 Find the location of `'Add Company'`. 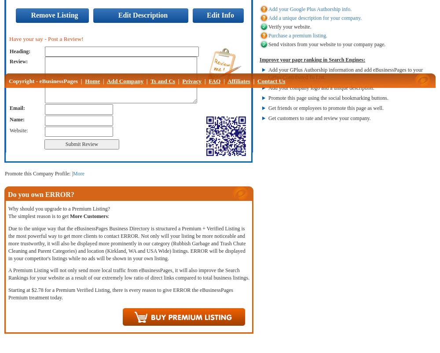

'Add Company' is located at coordinates (125, 81).